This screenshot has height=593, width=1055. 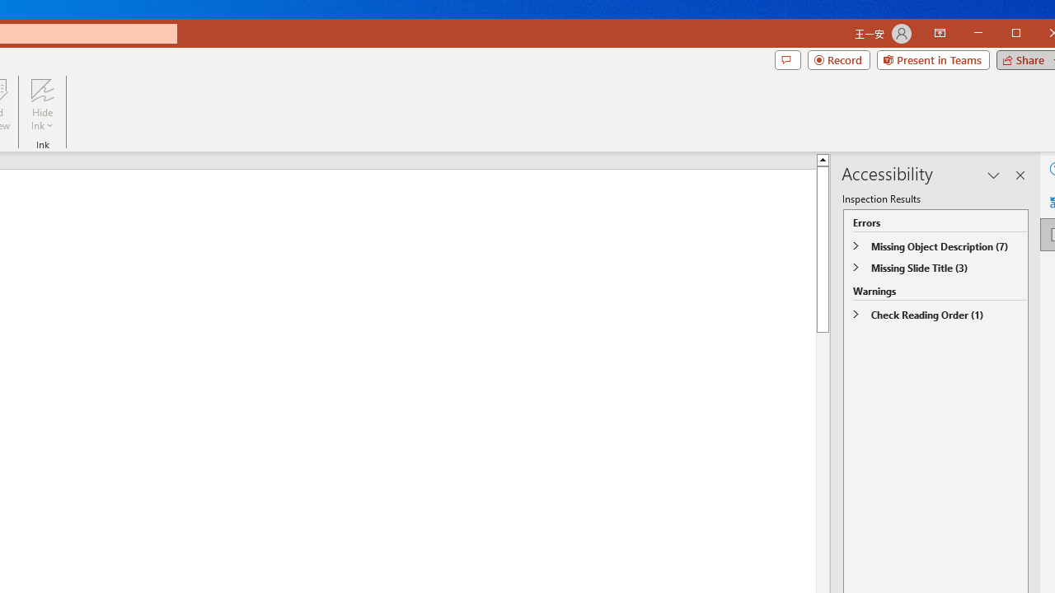 I want to click on 'Hide Ink', so click(x=42, y=90).